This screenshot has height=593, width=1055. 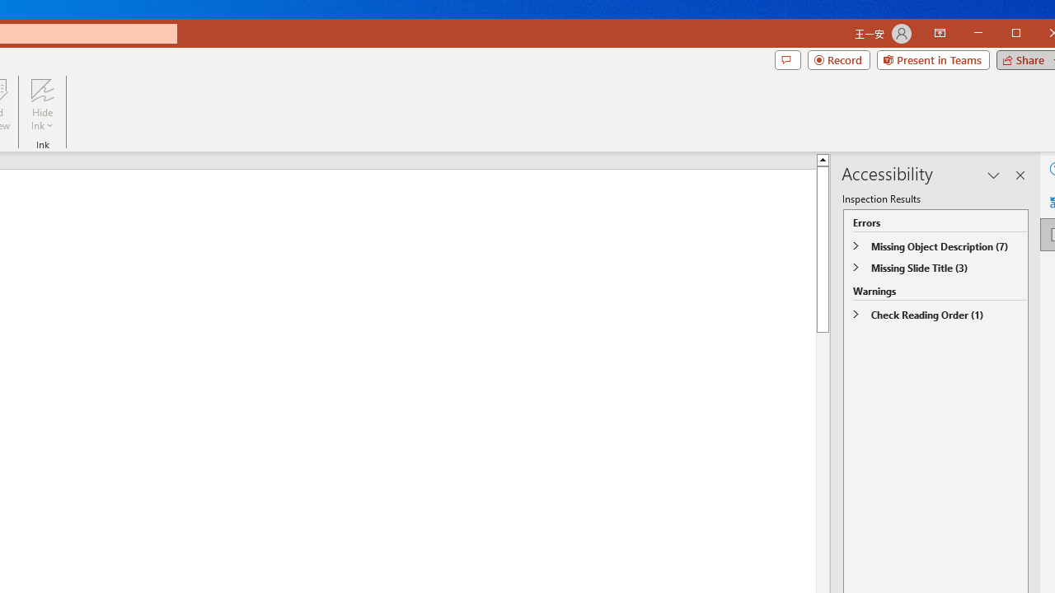 I want to click on 'Hide Ink', so click(x=42, y=90).